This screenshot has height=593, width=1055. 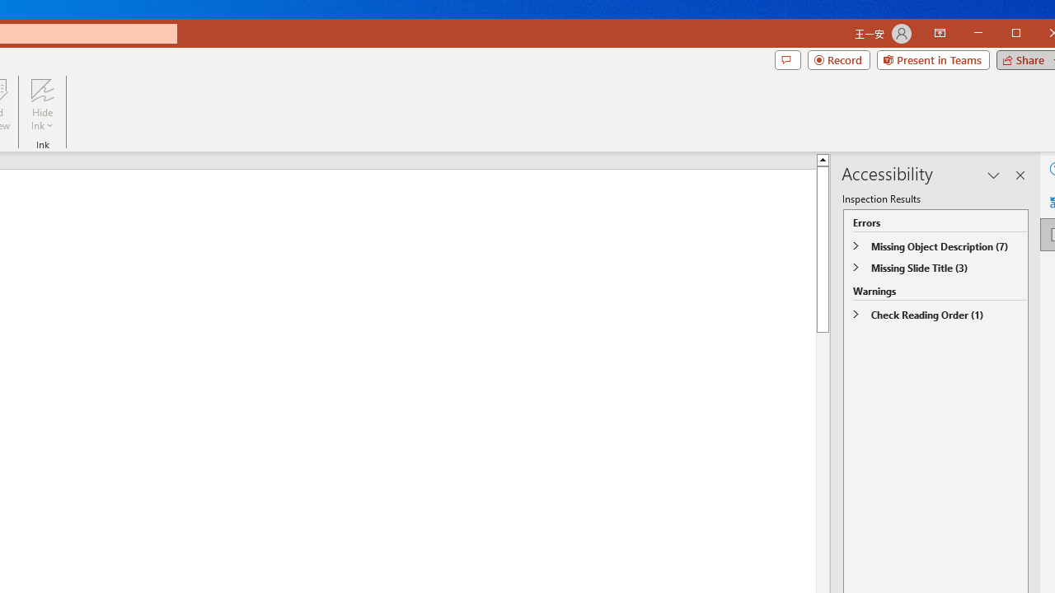 I want to click on 'Hide Ink', so click(x=42, y=90).